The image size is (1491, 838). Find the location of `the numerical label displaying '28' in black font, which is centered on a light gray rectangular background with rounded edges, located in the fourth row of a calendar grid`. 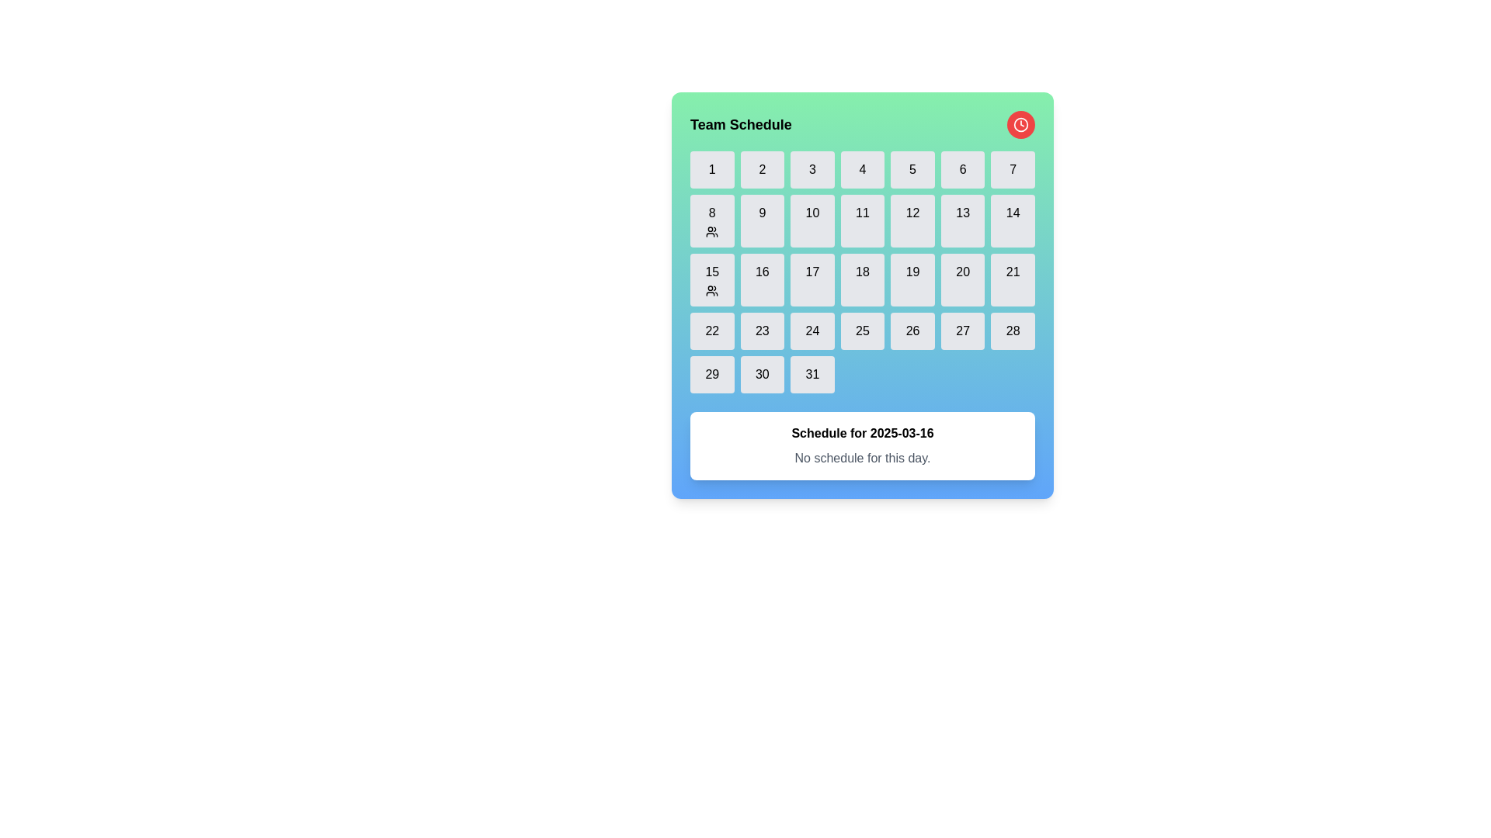

the numerical label displaying '28' in black font, which is centered on a light gray rectangular background with rounded edges, located in the fourth row of a calendar grid is located at coordinates (1013, 331).